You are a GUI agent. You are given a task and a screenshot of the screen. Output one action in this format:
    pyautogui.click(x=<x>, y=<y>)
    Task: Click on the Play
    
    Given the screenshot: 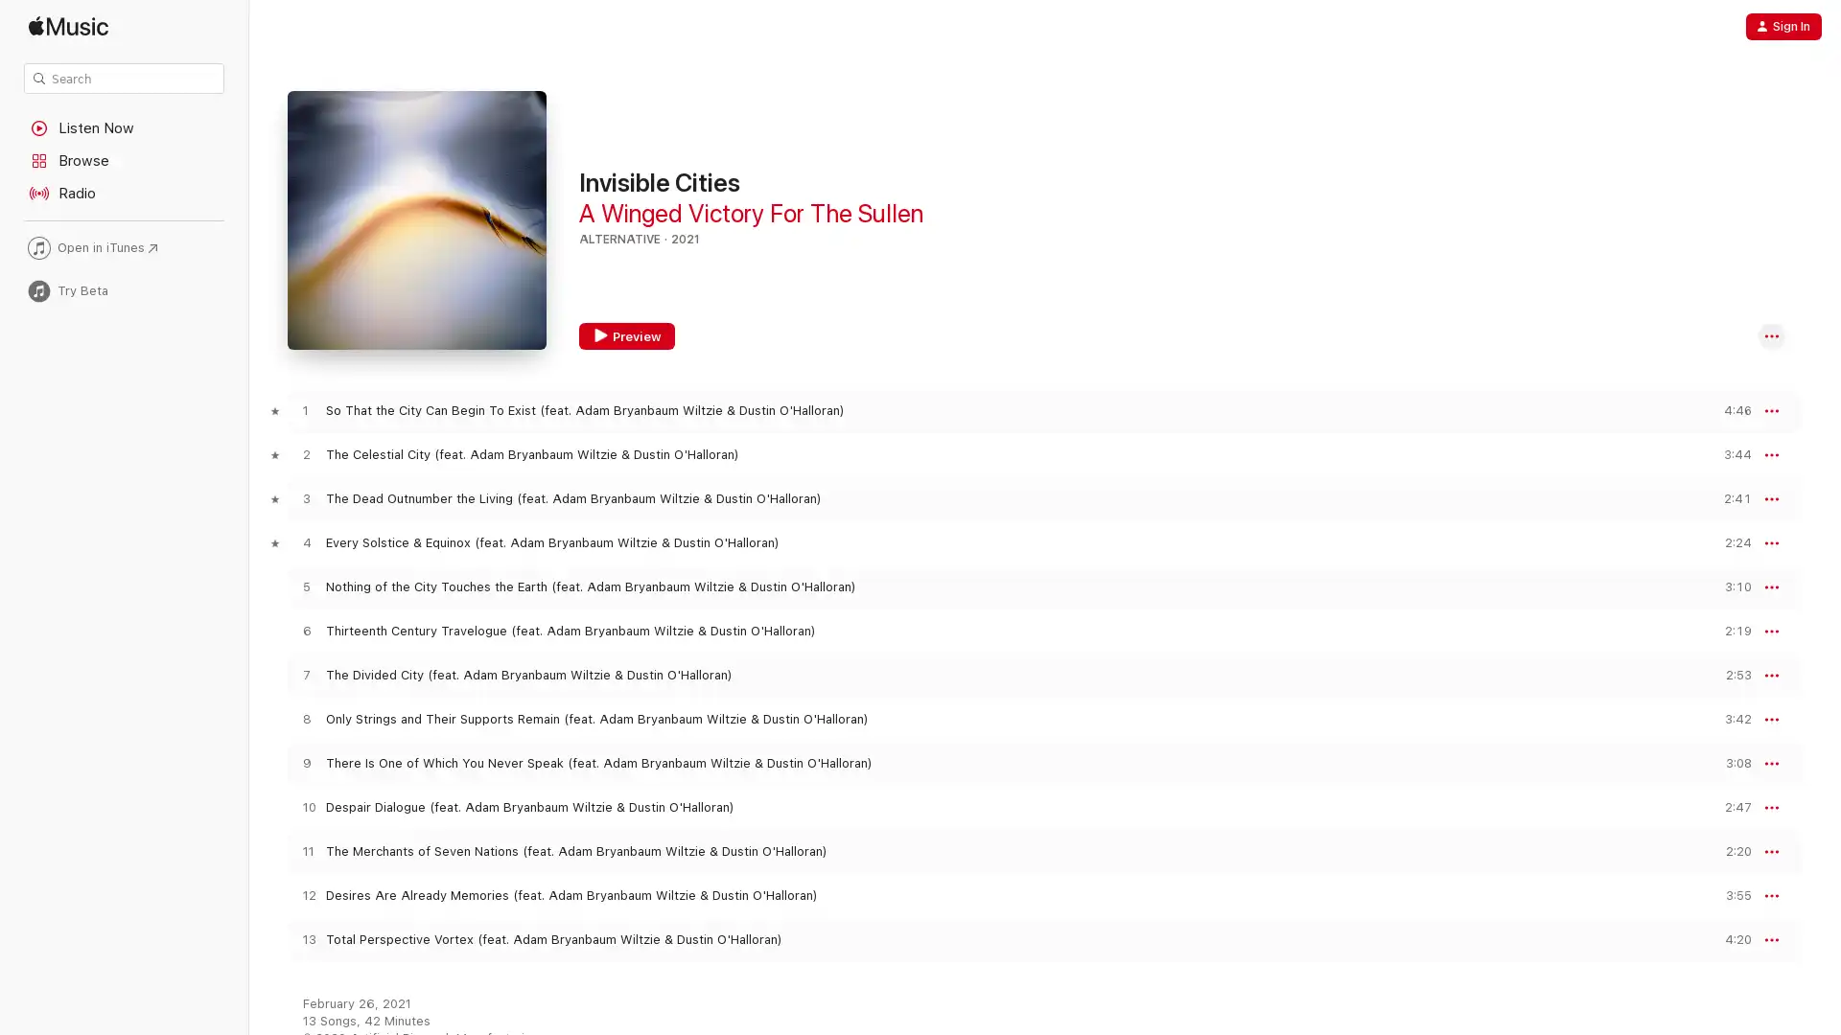 What is the action you would take?
    pyautogui.click(x=305, y=807)
    